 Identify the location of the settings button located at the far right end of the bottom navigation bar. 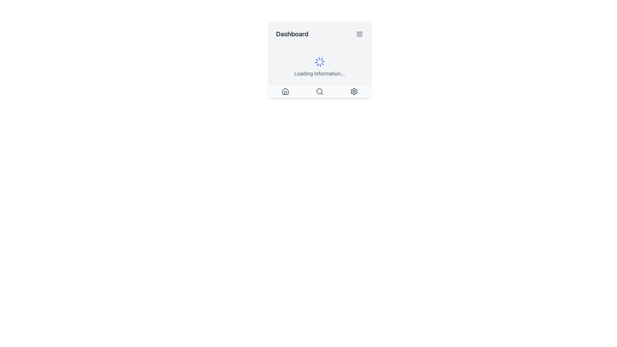
(353, 92).